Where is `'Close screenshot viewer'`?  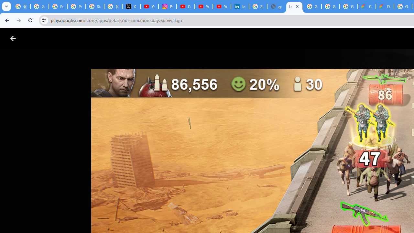 'Close screenshot viewer' is located at coordinates (13, 39).